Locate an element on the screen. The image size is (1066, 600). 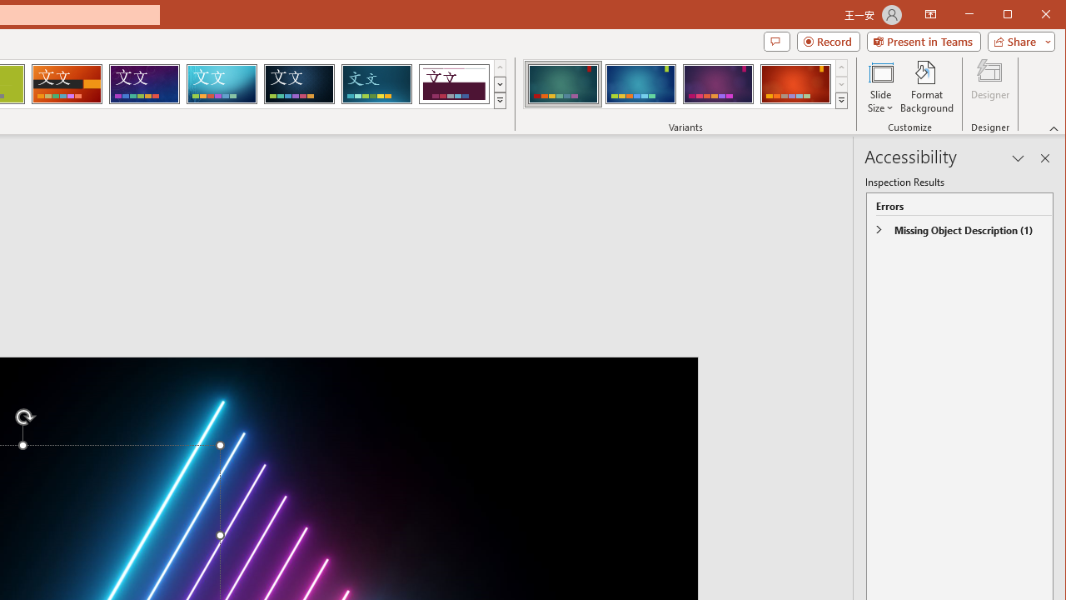
'Slide Size' is located at coordinates (879, 87).